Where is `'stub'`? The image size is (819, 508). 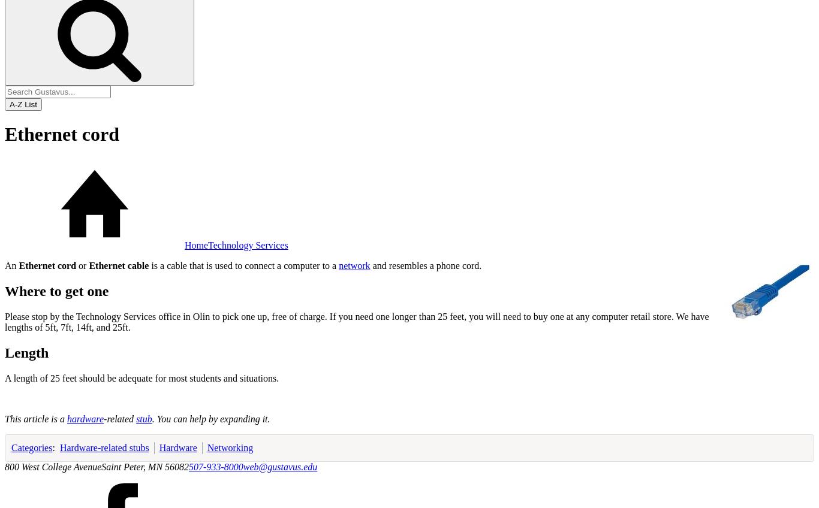
'stub' is located at coordinates (144, 418).